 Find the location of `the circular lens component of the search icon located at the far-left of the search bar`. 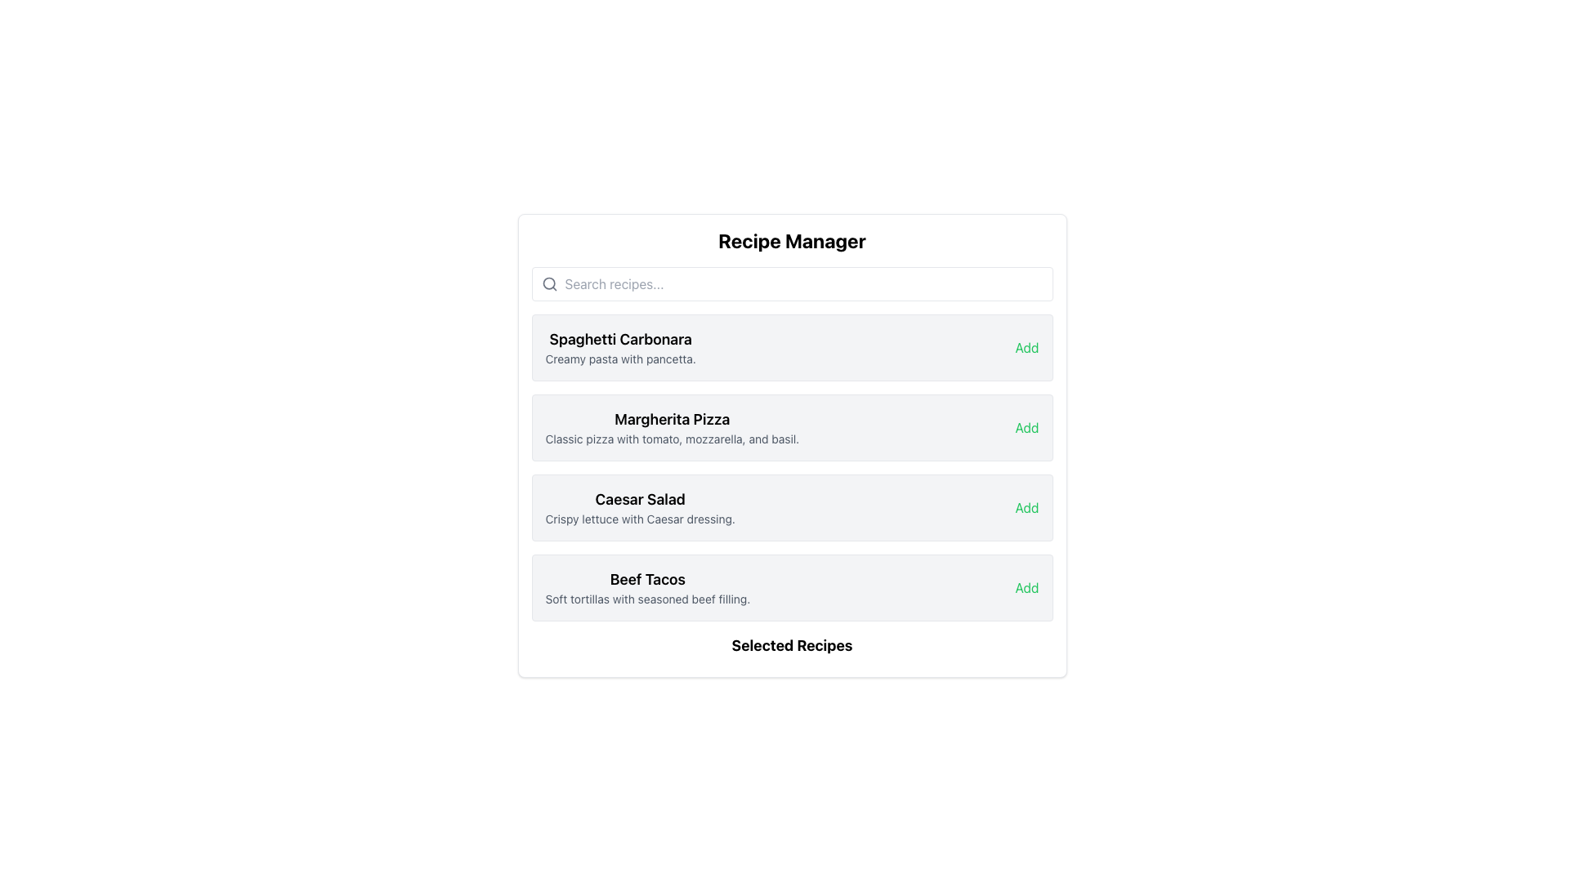

the circular lens component of the search icon located at the far-left of the search bar is located at coordinates (548, 283).